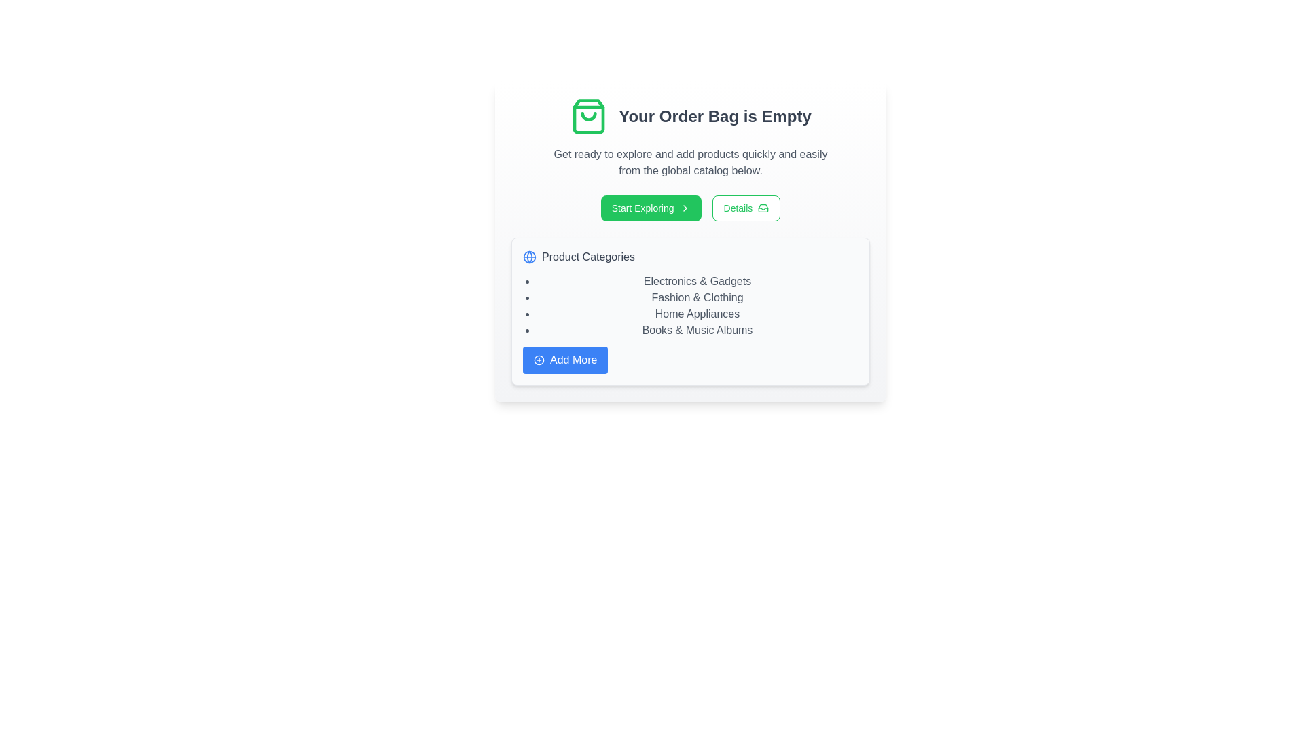  What do you see at coordinates (691, 306) in the screenshot?
I see `an individual item in the bulleted list of product categories located within the 'Product Categories' section` at bounding box center [691, 306].